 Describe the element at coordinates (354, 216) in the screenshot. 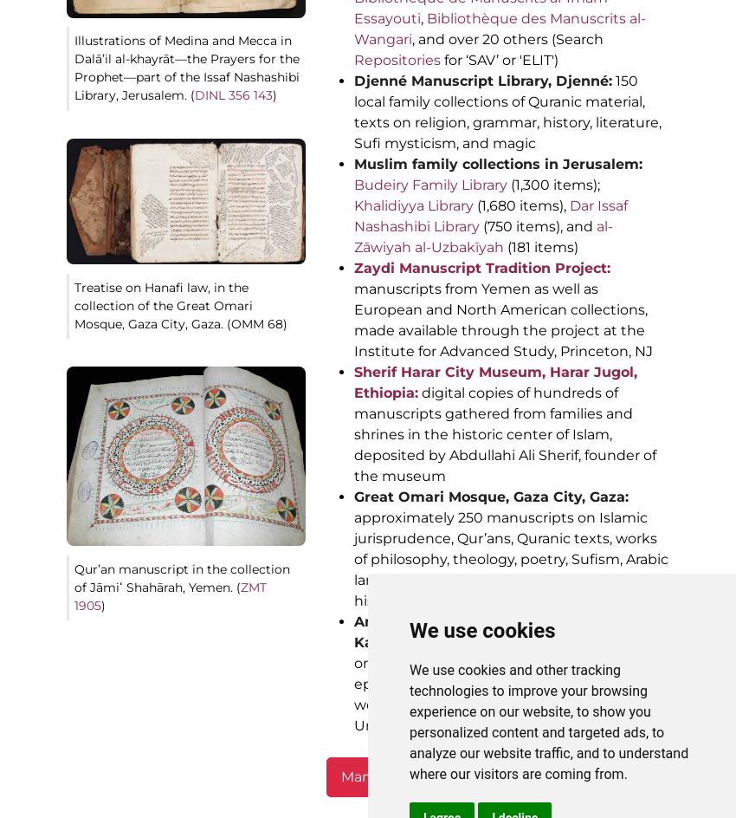

I see `'Dar Issaf Nashashibi Library'` at that location.